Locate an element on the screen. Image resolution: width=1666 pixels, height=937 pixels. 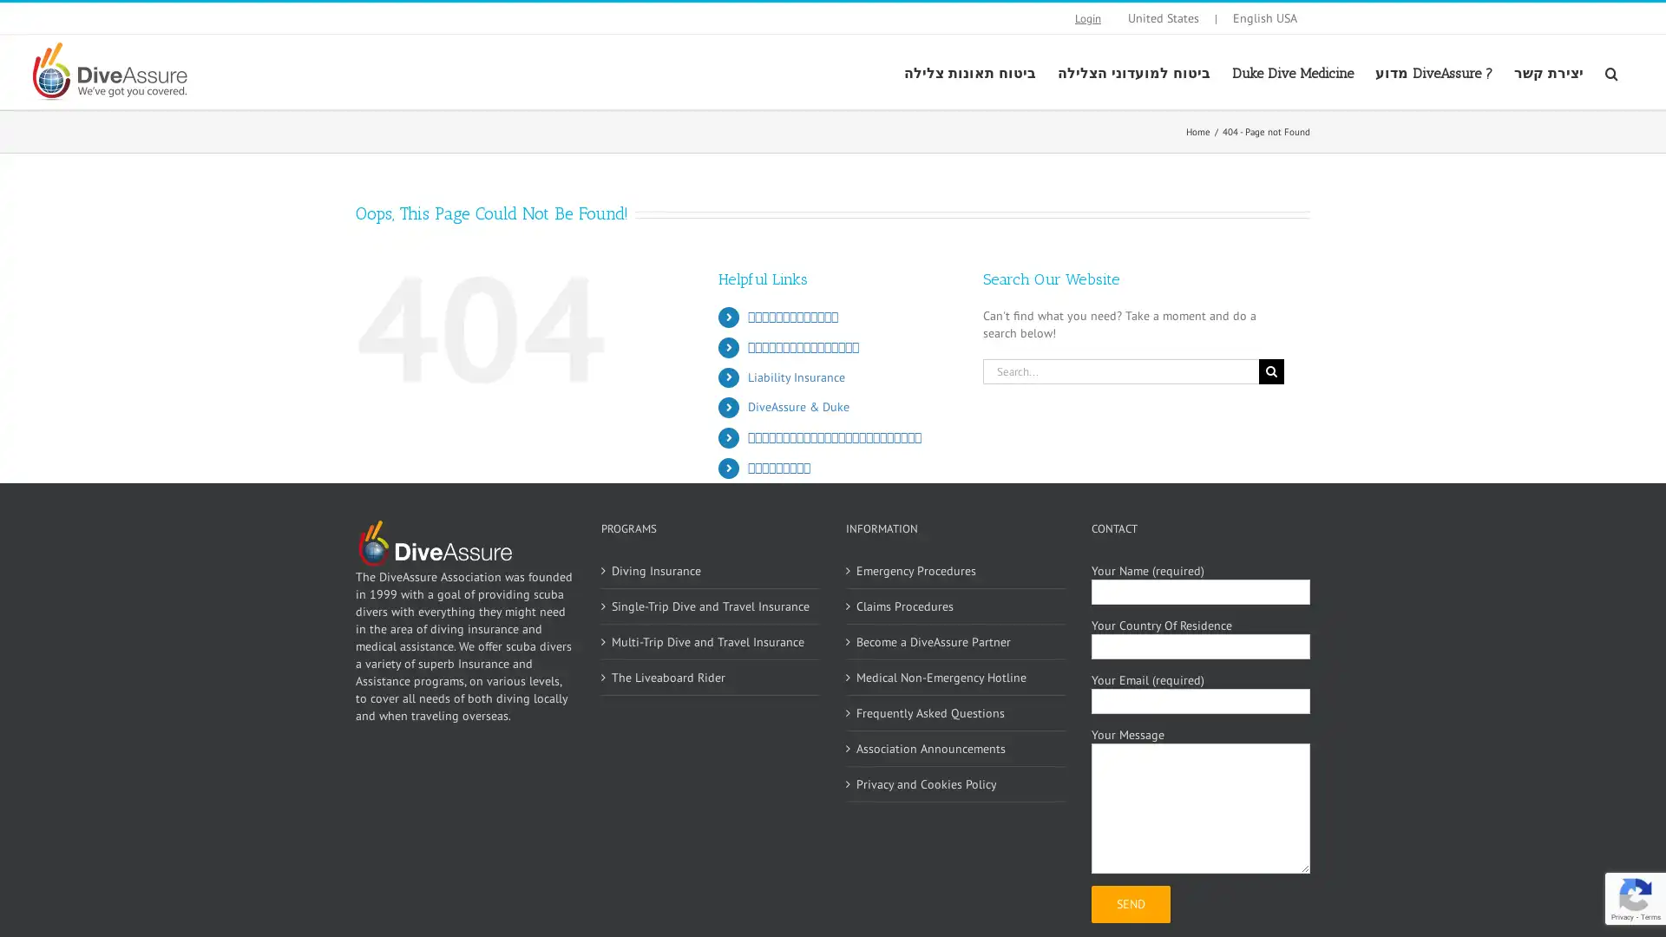
Search is located at coordinates (1270, 370).